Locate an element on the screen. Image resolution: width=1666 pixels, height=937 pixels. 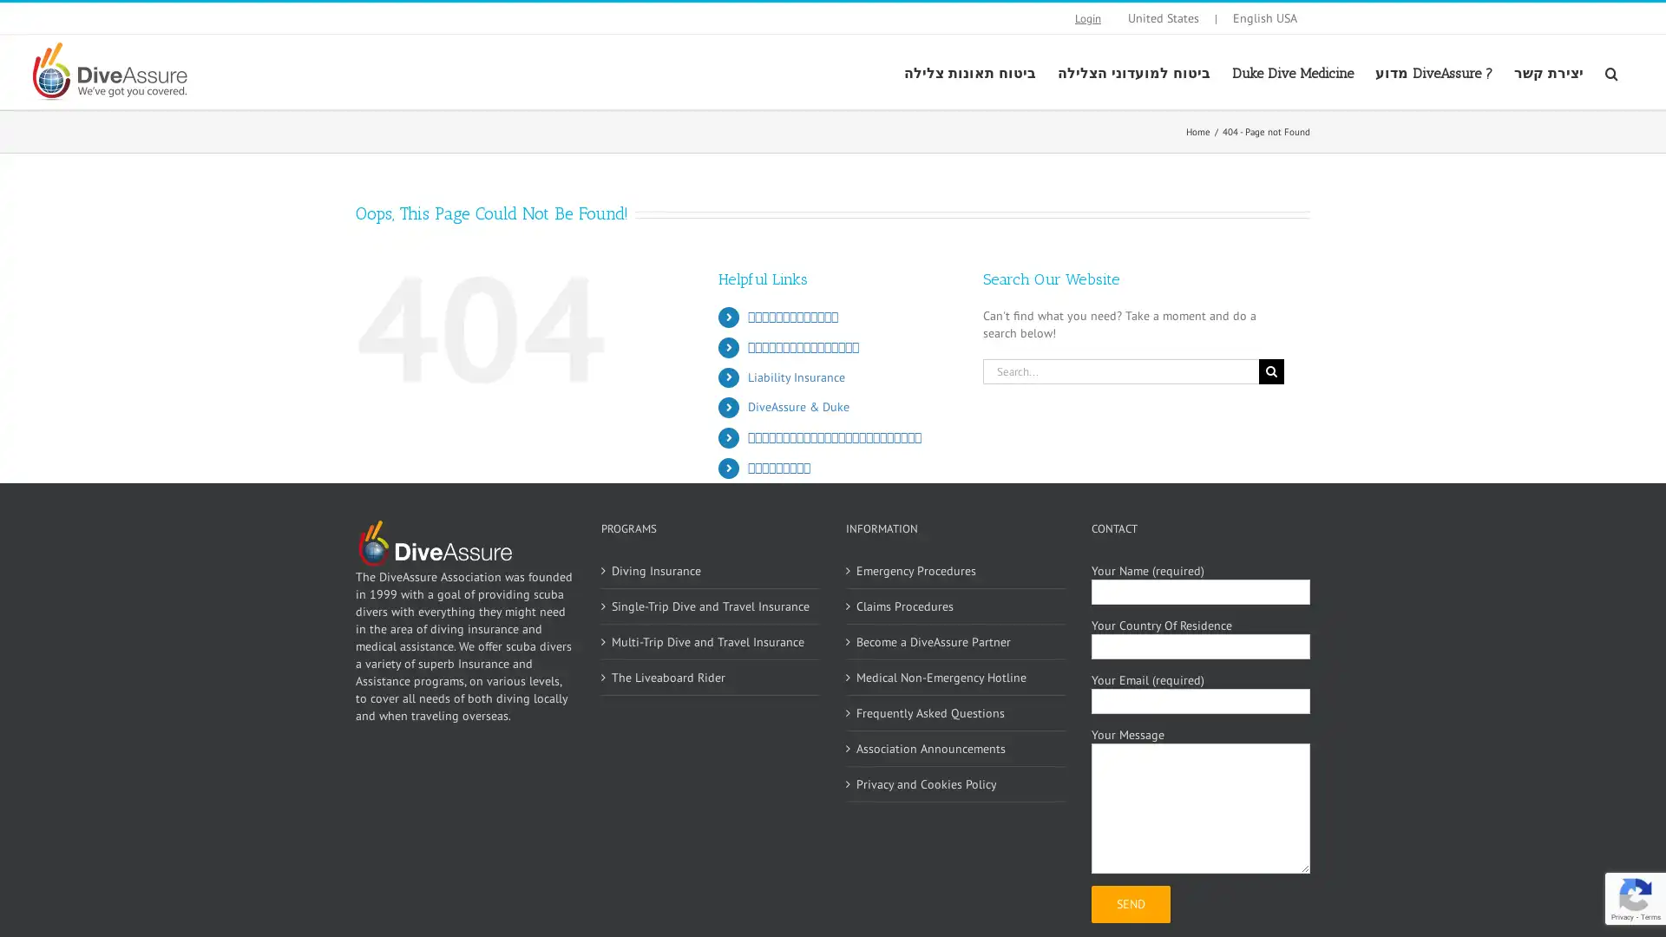
Search is located at coordinates (1270, 370).